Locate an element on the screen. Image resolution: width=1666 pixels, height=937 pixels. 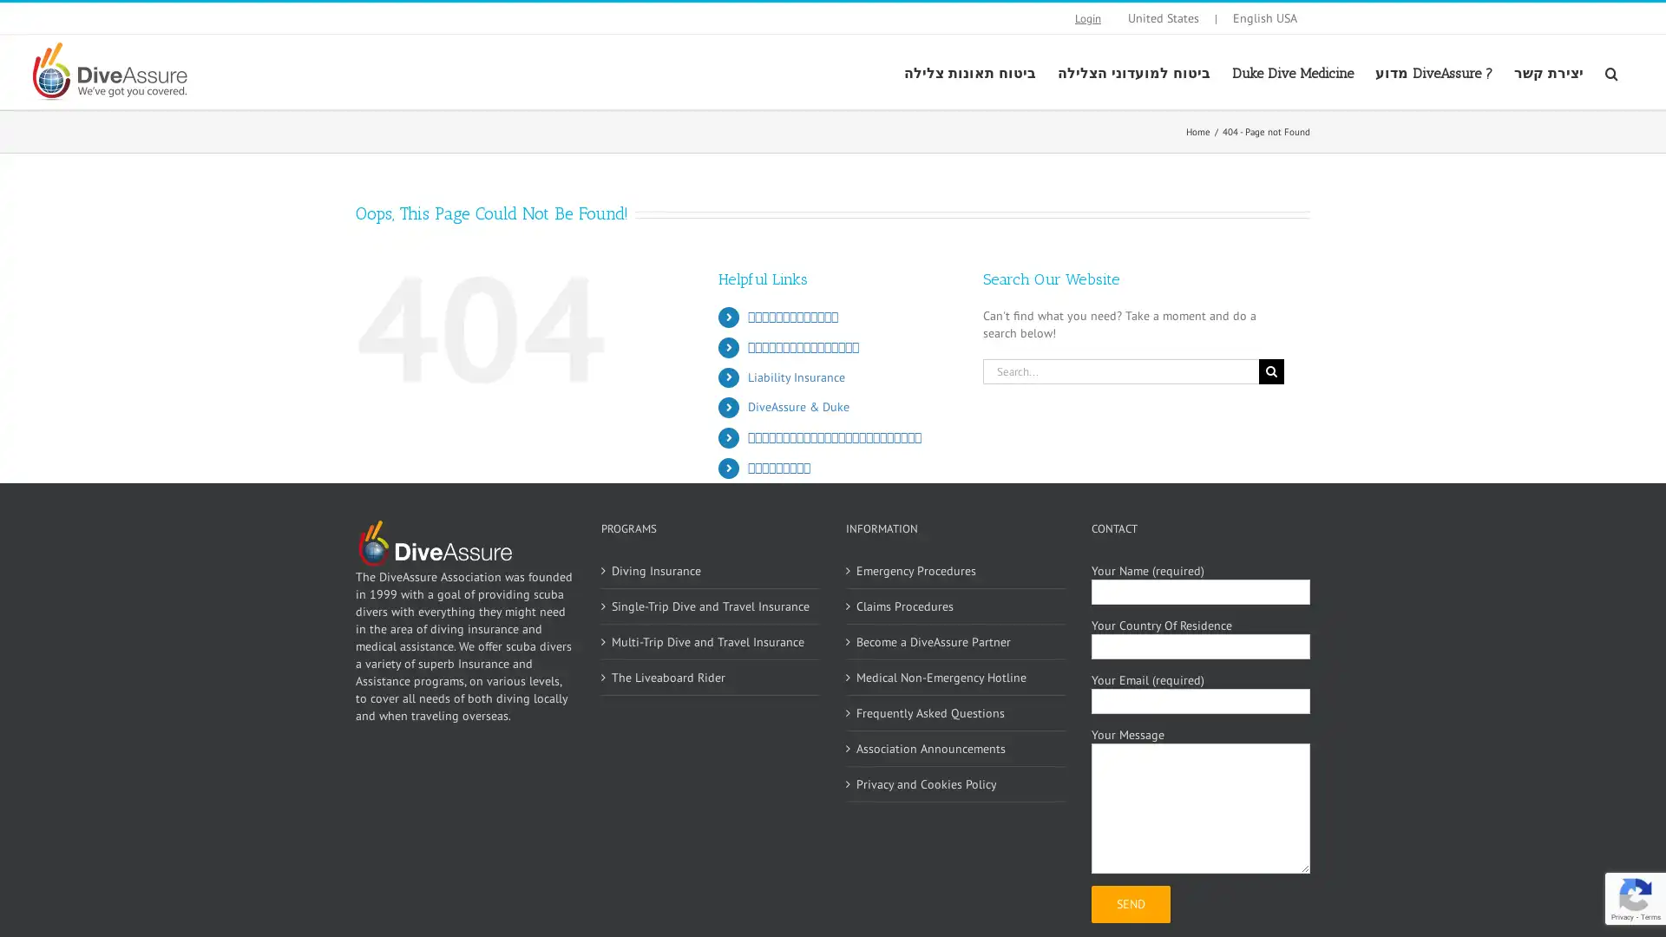
Search is located at coordinates (1270, 370).